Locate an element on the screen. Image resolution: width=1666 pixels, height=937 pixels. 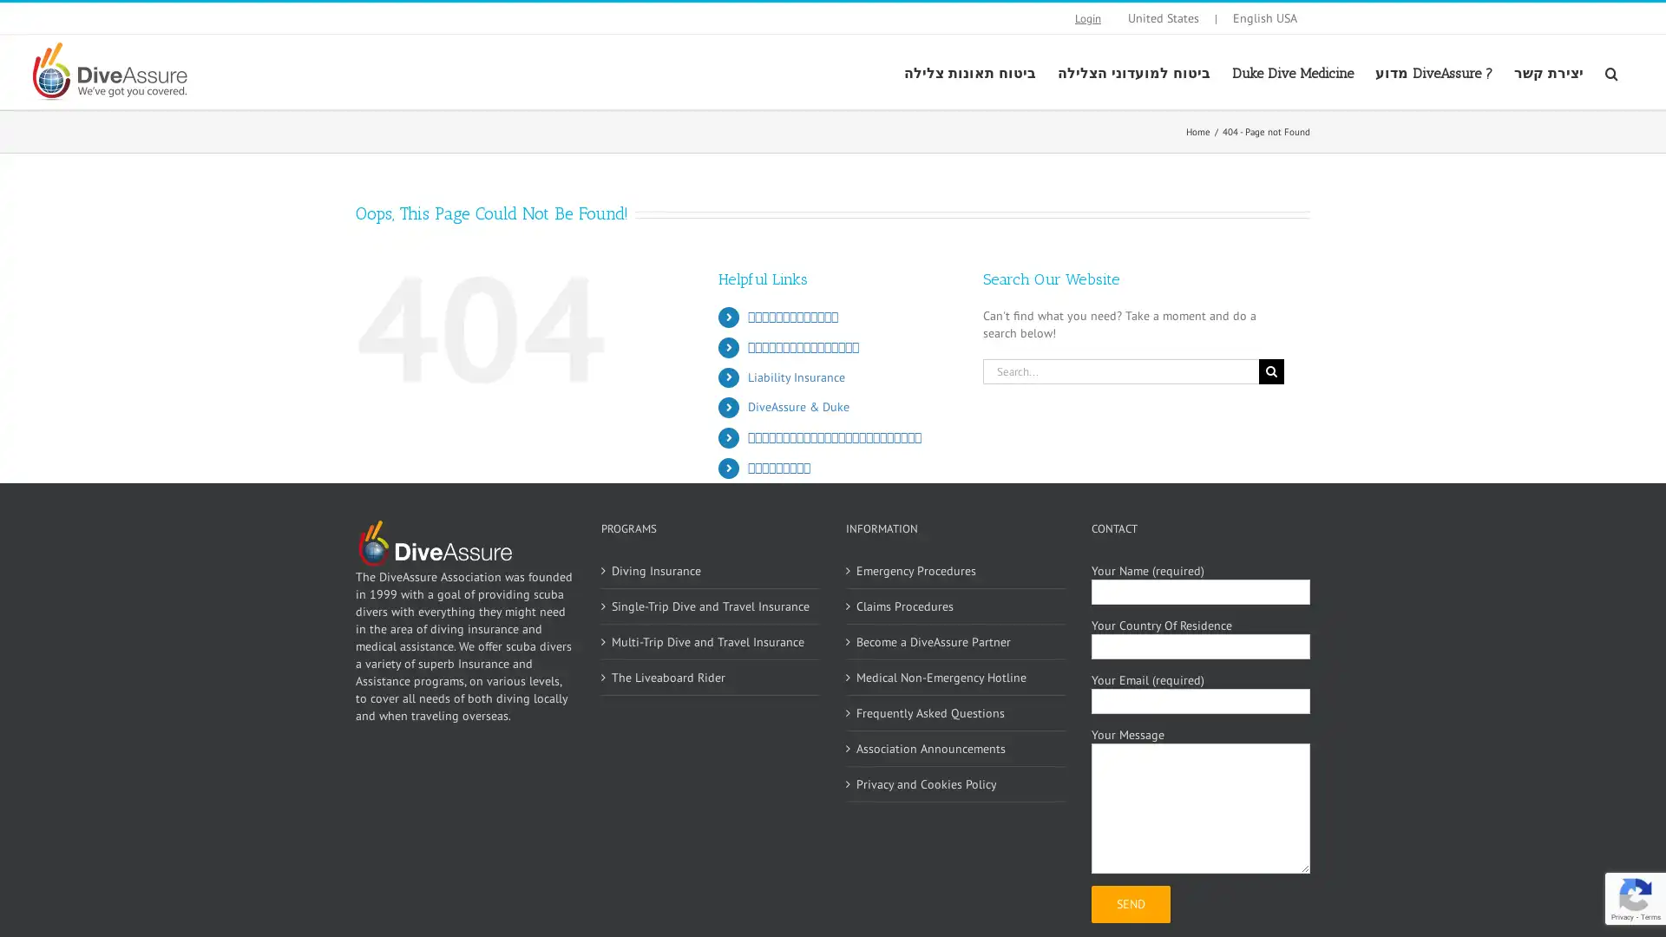
Search is located at coordinates (1270, 370).